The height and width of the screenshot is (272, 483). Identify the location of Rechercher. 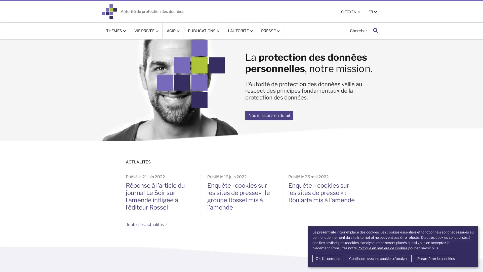
(375, 31).